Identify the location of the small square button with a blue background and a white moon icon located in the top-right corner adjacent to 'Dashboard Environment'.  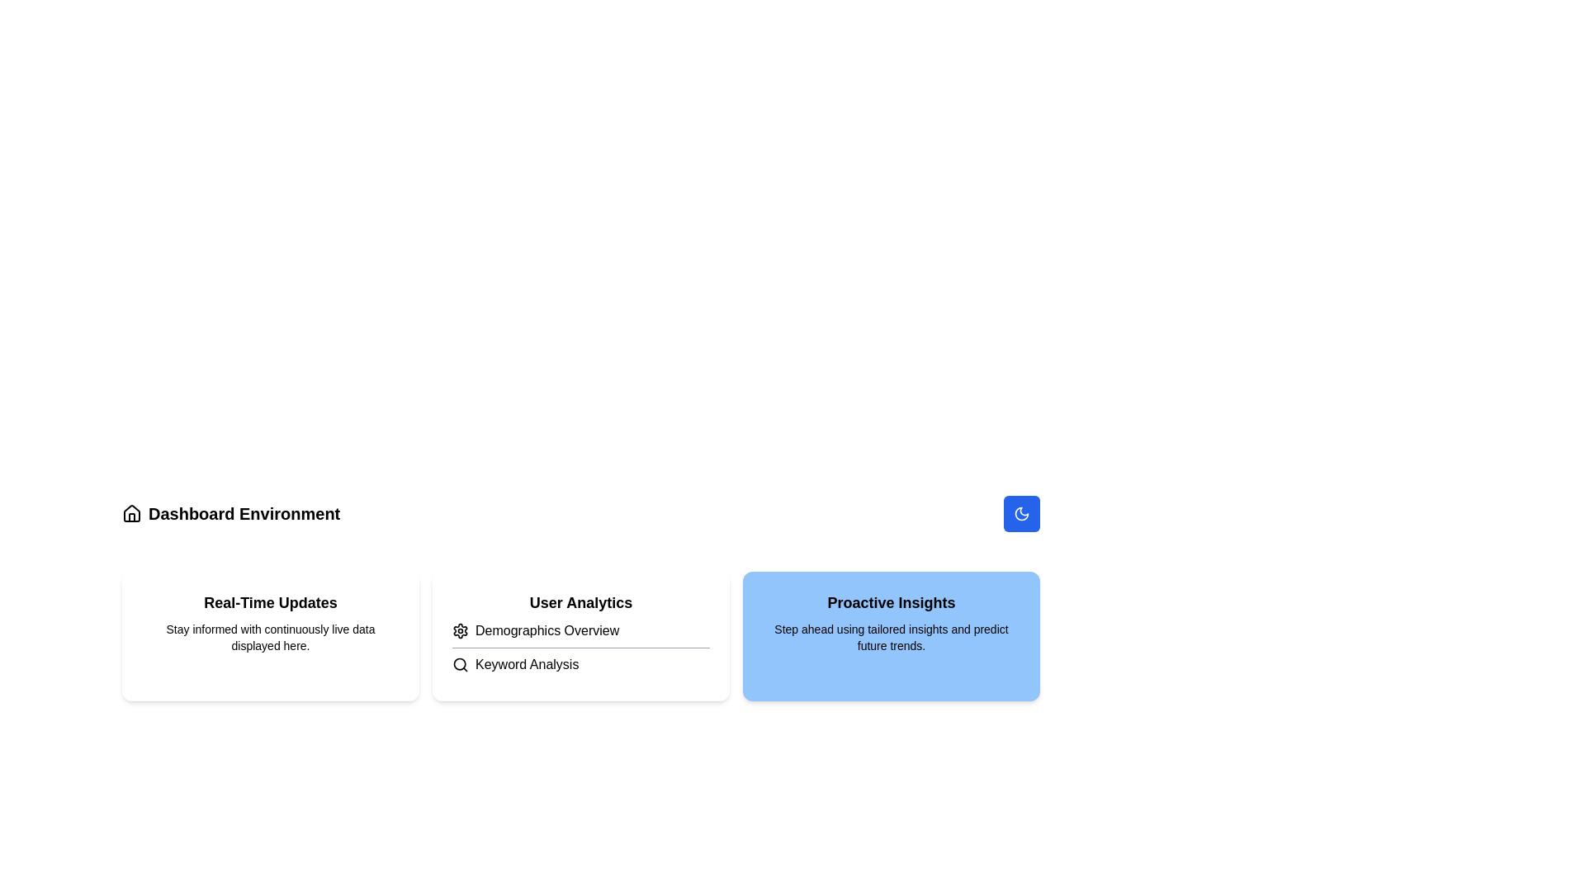
(1021, 513).